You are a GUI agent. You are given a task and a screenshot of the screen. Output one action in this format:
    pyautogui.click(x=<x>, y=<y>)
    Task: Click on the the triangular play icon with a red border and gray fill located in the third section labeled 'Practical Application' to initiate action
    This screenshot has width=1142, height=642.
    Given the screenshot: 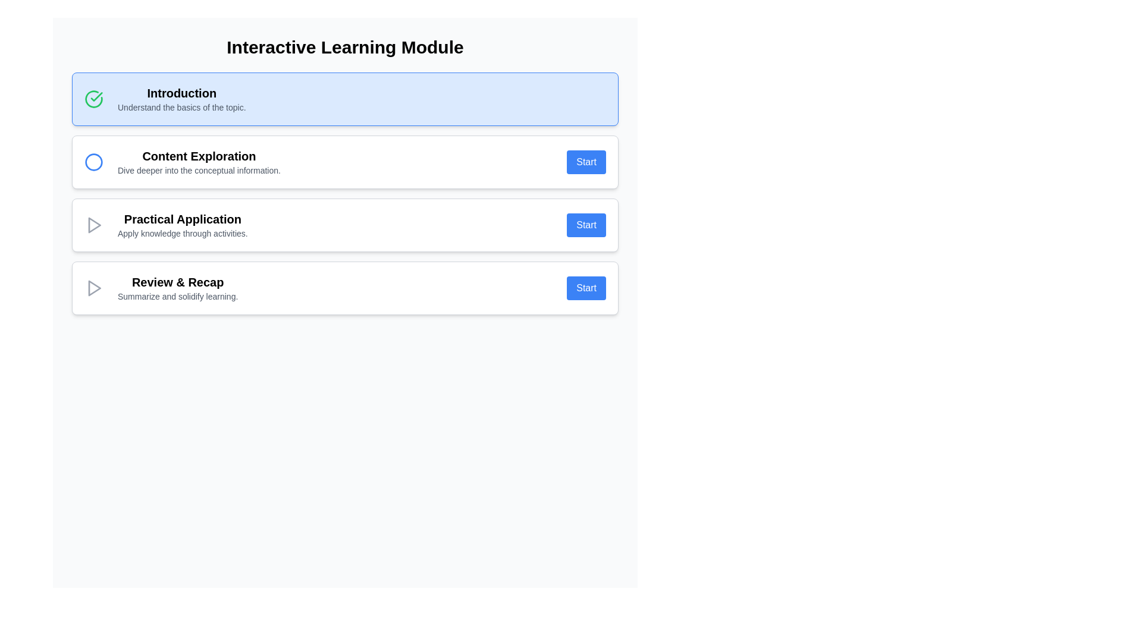 What is the action you would take?
    pyautogui.click(x=93, y=225)
    